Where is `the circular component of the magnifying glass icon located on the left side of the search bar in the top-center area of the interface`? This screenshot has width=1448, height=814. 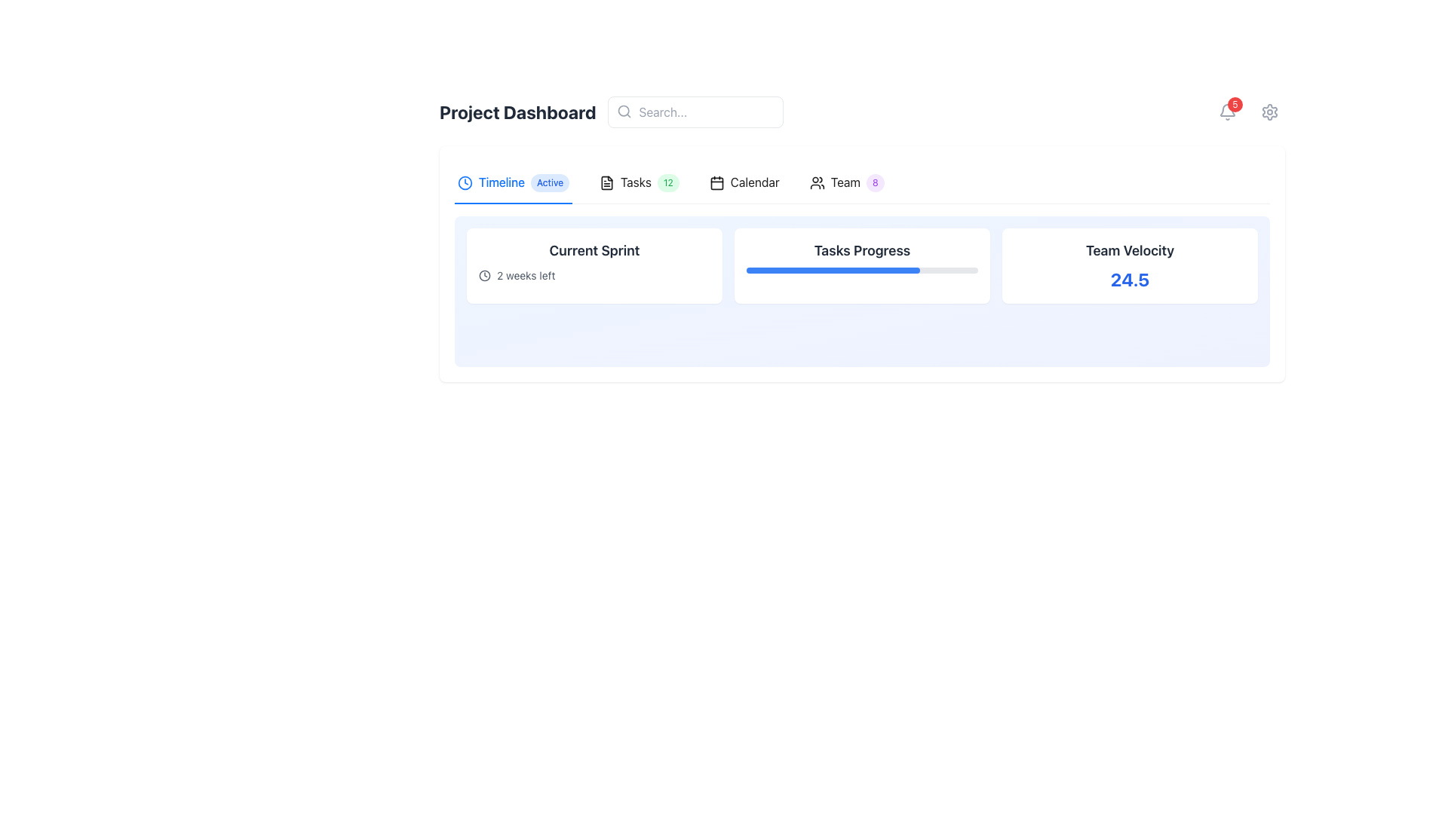 the circular component of the magnifying glass icon located on the left side of the search bar in the top-center area of the interface is located at coordinates (624, 110).